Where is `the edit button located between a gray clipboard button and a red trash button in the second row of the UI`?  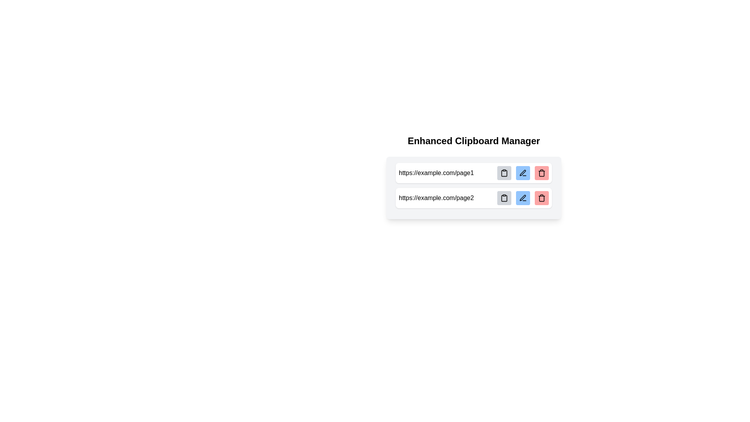 the edit button located between a gray clipboard button and a red trash button in the second row of the UI is located at coordinates (523, 173).